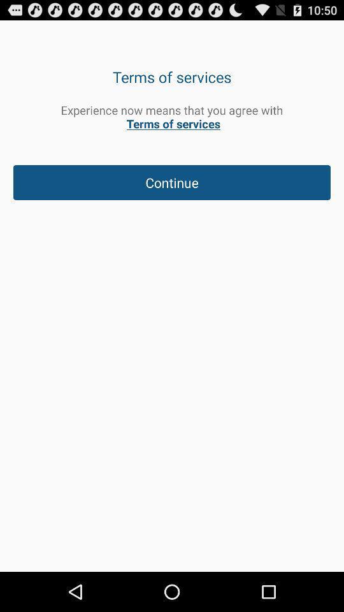 Image resolution: width=344 pixels, height=612 pixels. What do you see at coordinates (172, 117) in the screenshot?
I see `the item above continue item` at bounding box center [172, 117].